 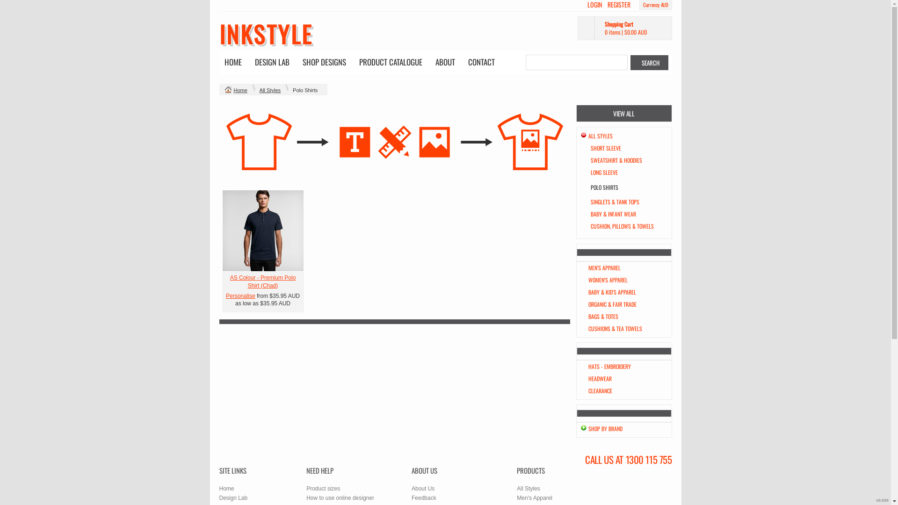 What do you see at coordinates (576, 28) in the screenshot?
I see `'Shopping Cart` at bounding box center [576, 28].